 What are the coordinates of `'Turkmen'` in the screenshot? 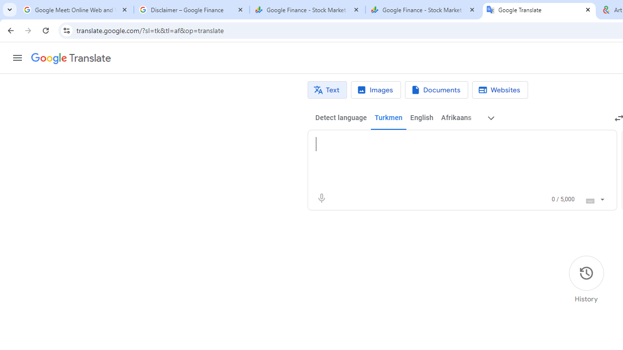 It's located at (388, 118).